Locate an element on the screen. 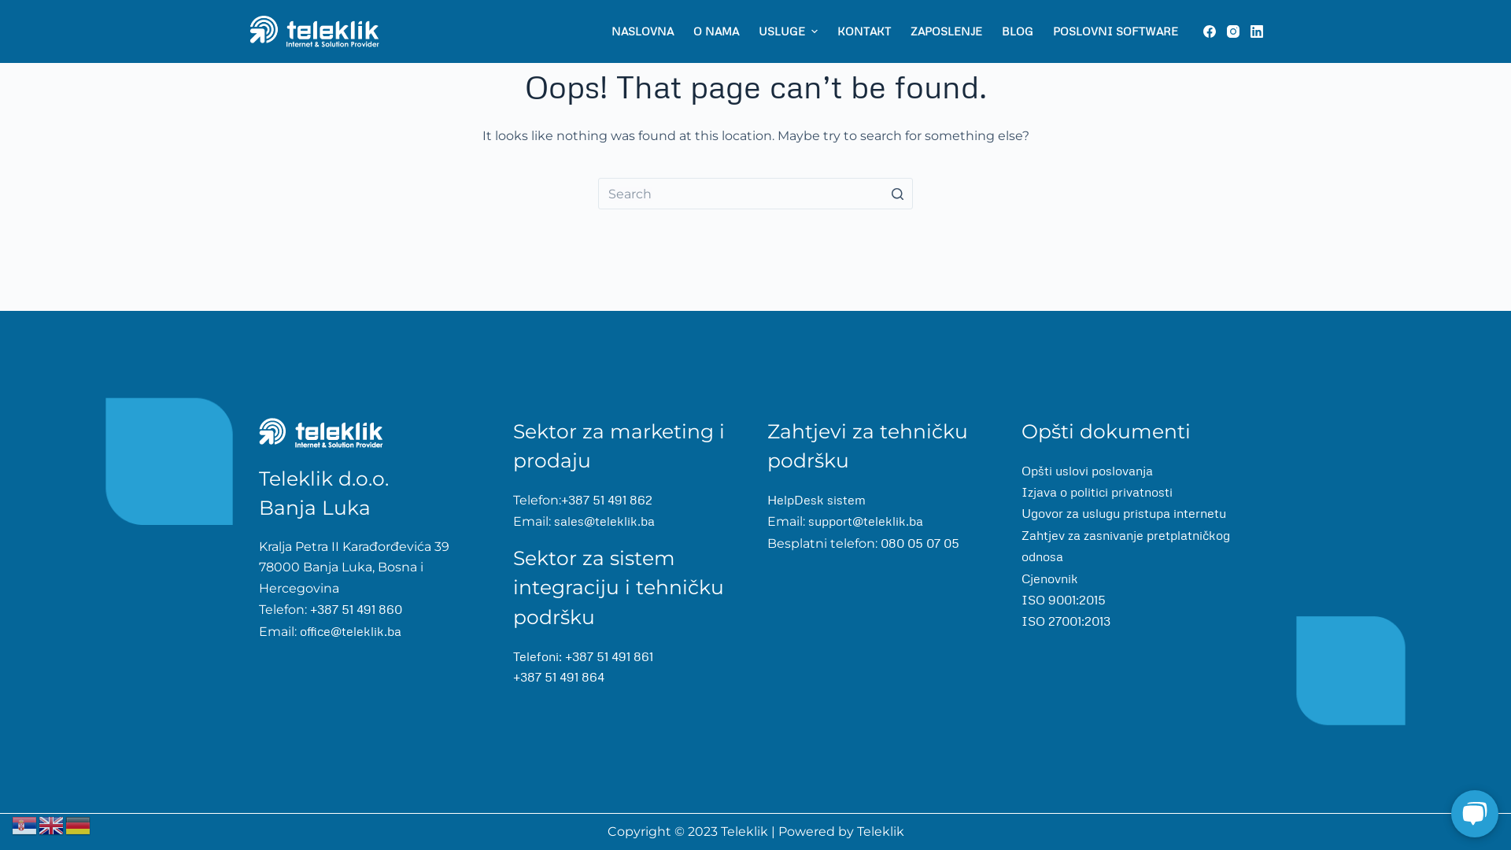 The width and height of the screenshot is (1511, 850). 'BLOG' is located at coordinates (1017, 31).